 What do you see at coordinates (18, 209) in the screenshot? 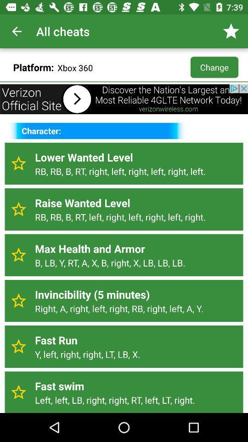
I see `the star icon` at bounding box center [18, 209].